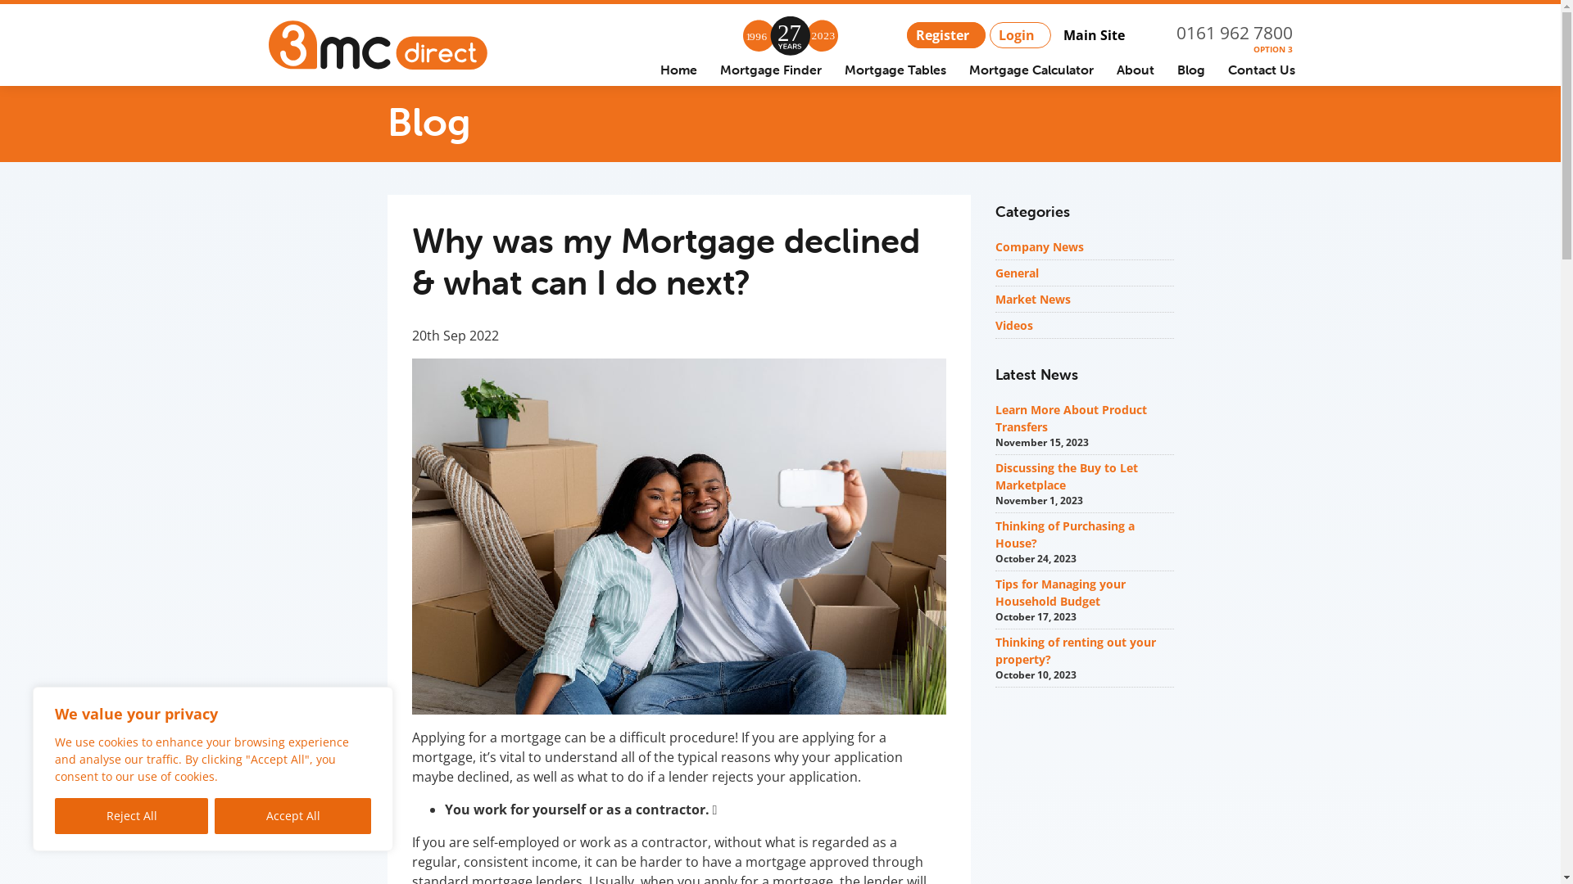 The width and height of the screenshot is (1573, 884). What do you see at coordinates (1038, 246) in the screenshot?
I see `'Company News'` at bounding box center [1038, 246].